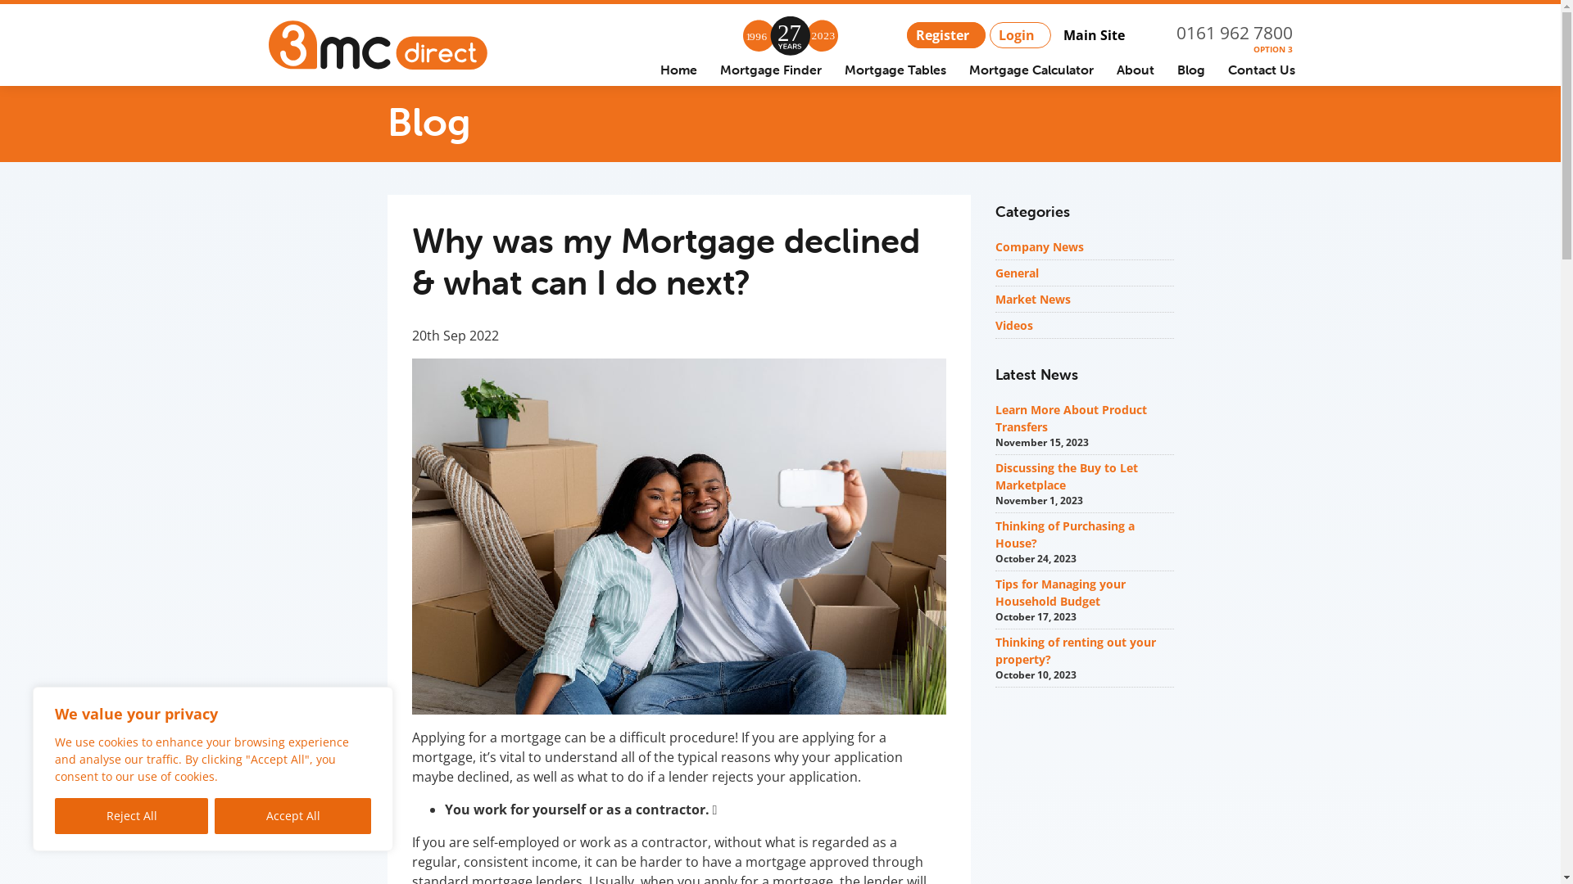 The width and height of the screenshot is (1573, 884). What do you see at coordinates (1038, 246) in the screenshot?
I see `'Company News'` at bounding box center [1038, 246].